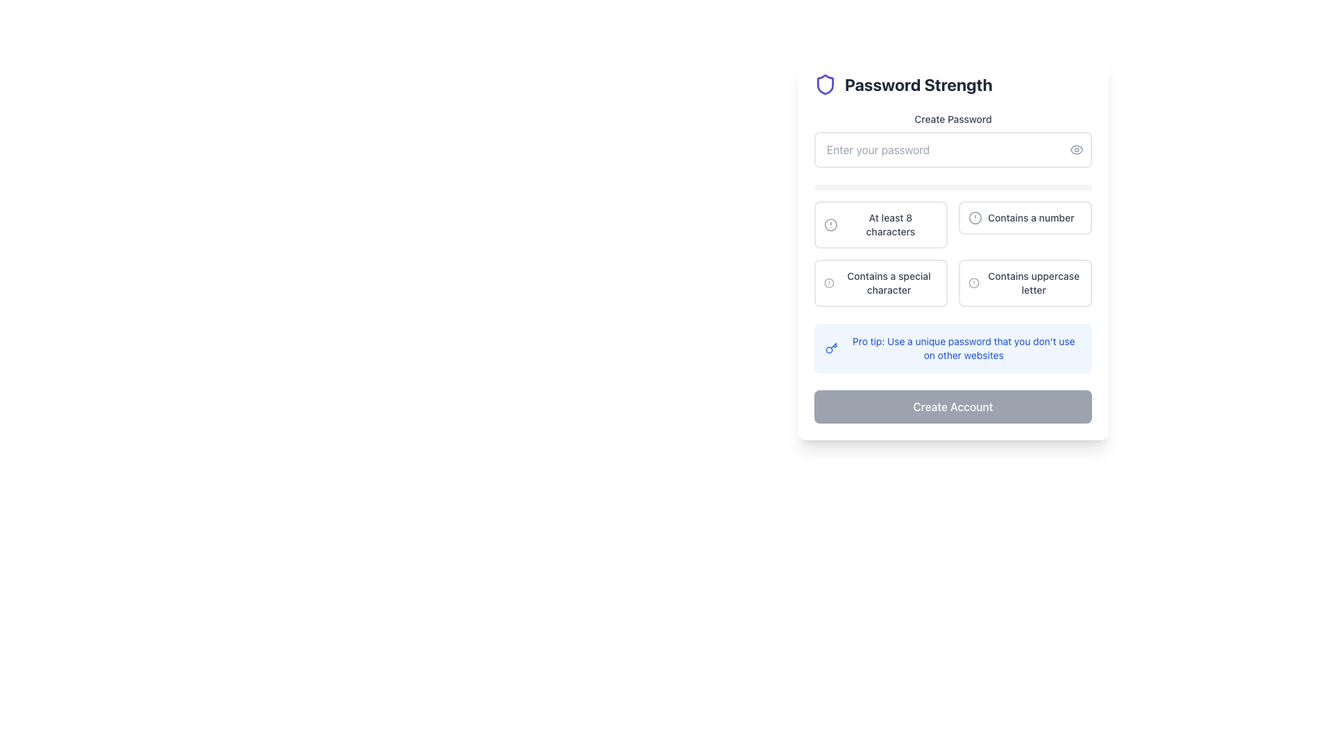  Describe the element at coordinates (1031, 217) in the screenshot. I see `the text label that states 'Contains a number', styled in gray (#707070), located to the right of a circular icon with an exclamation mark, indicating it is part of a validation message or checklist item` at that location.